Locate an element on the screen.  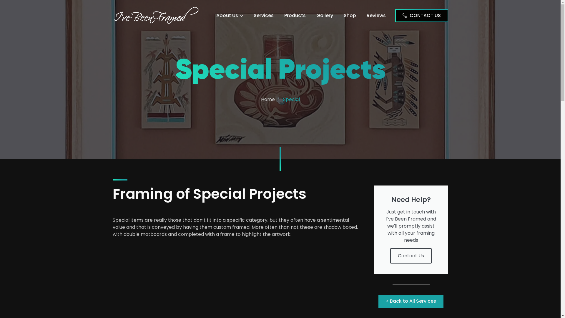
'Services' is located at coordinates (263, 15).